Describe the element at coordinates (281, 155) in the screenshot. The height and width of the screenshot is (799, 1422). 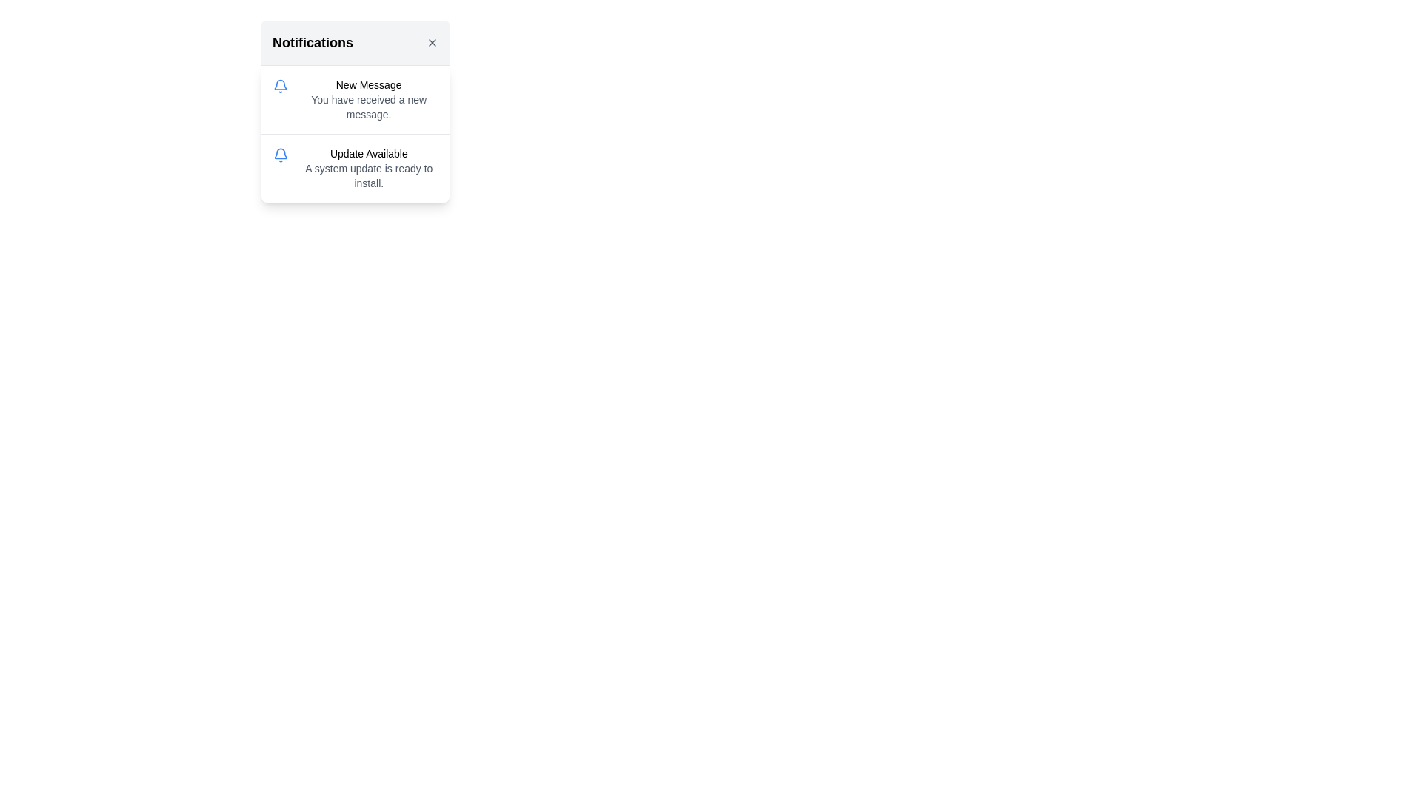
I see `the Notification icon shaped like a bell with a blue outline located in the top-left corner of the last notification entry, which precedes the text 'Update Available' and 'A system update is ready to install.'` at that location.